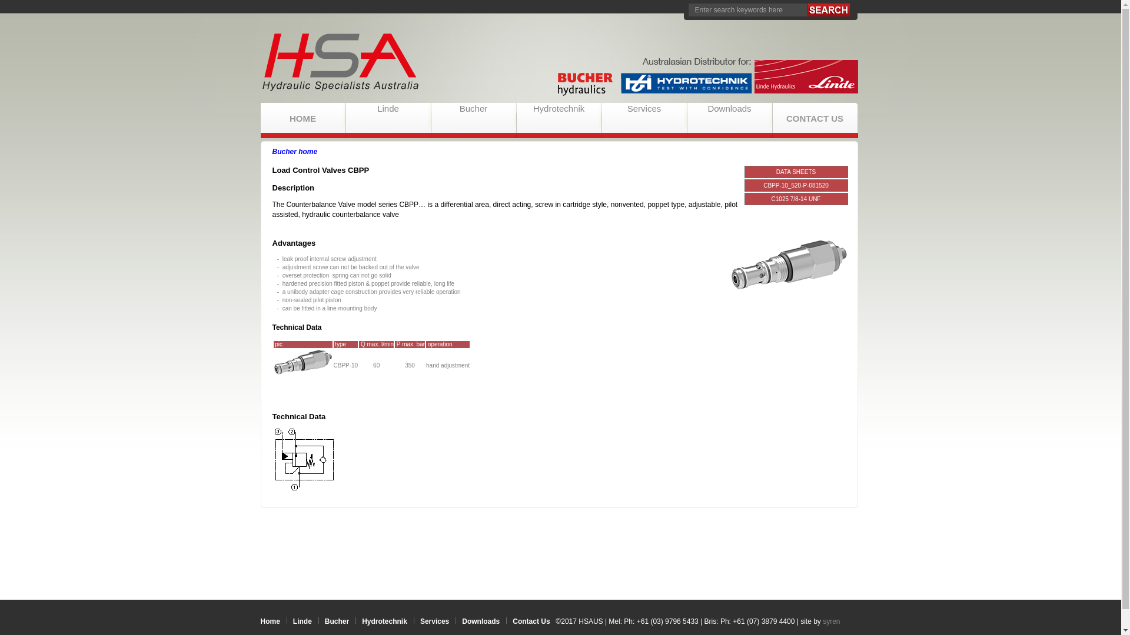 This screenshot has width=1130, height=635. Describe the element at coordinates (434, 620) in the screenshot. I see `'Services'` at that location.